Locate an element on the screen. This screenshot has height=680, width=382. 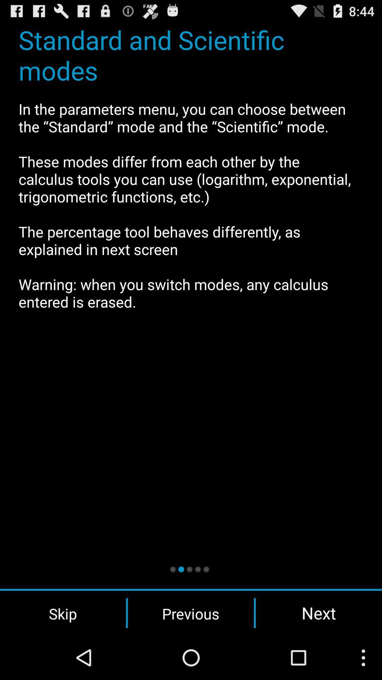
the previous is located at coordinates (190, 613).